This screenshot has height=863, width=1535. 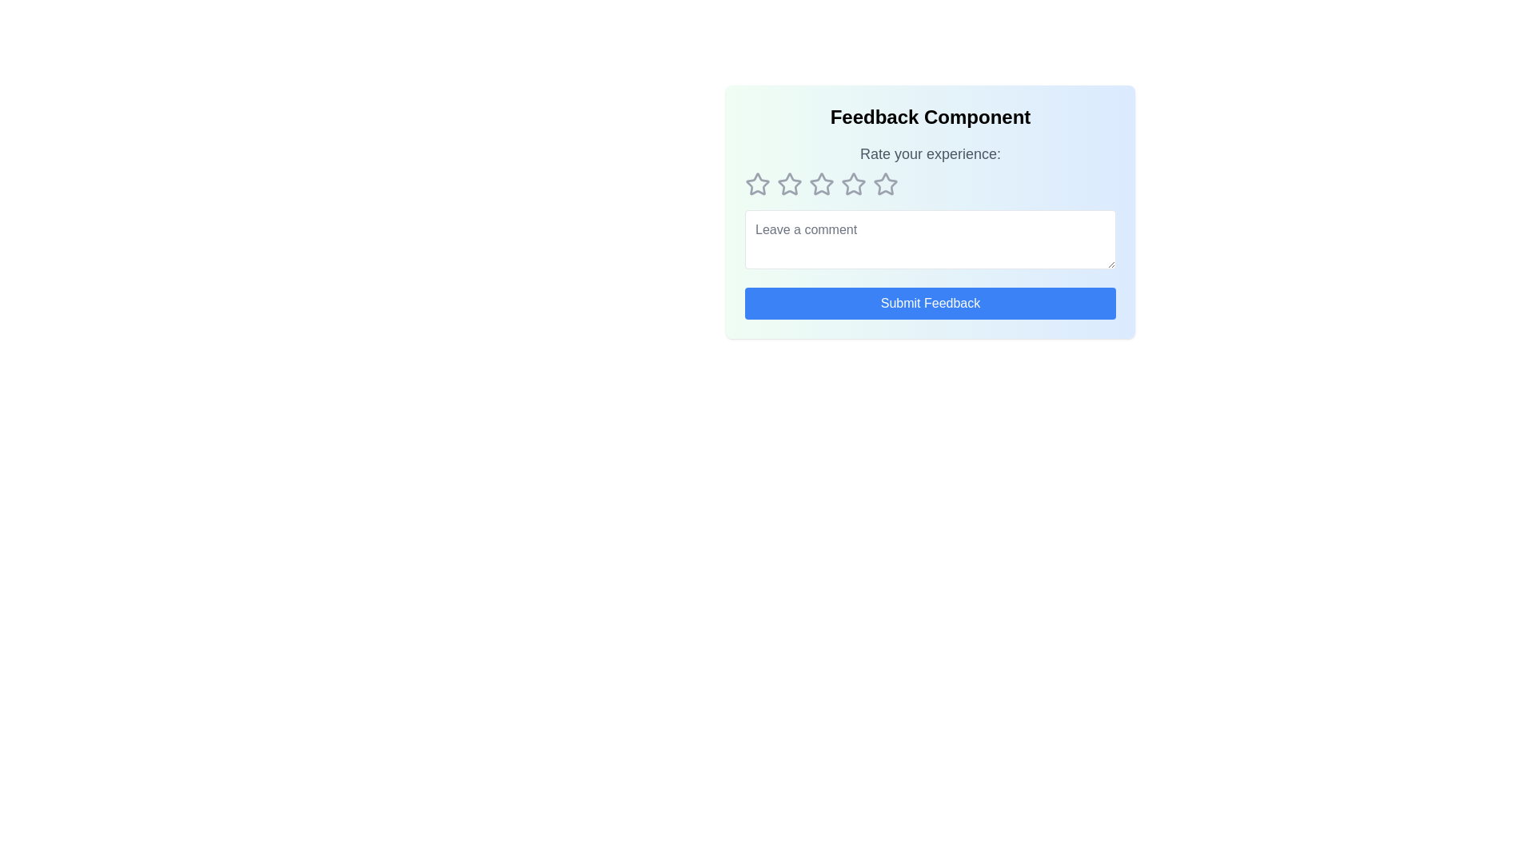 I want to click on the second star icon in the rating bar, so click(x=821, y=183).